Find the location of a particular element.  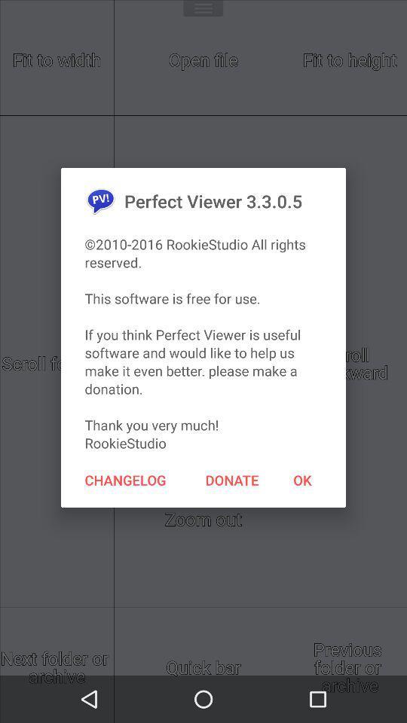

icon next to the ok item is located at coordinates (232, 479).